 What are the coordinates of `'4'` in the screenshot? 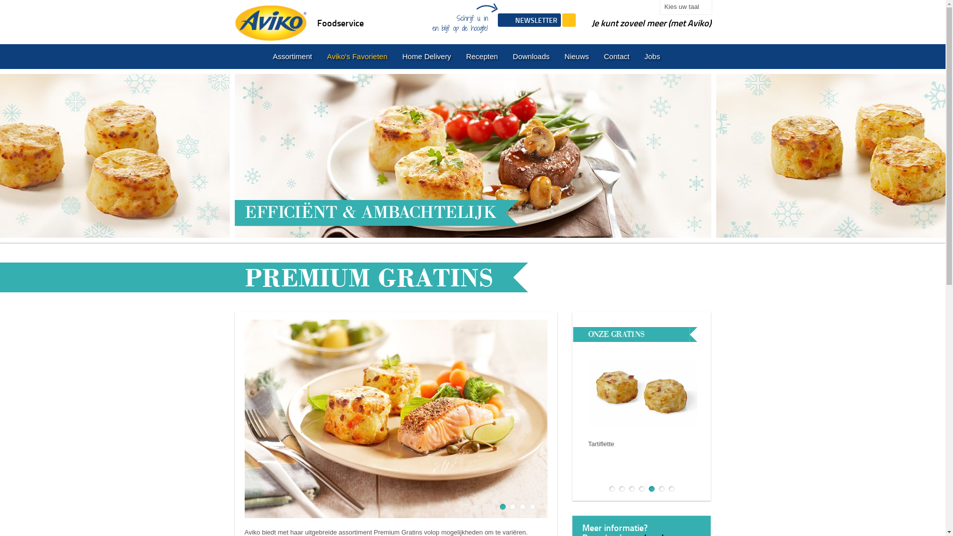 It's located at (641, 488).